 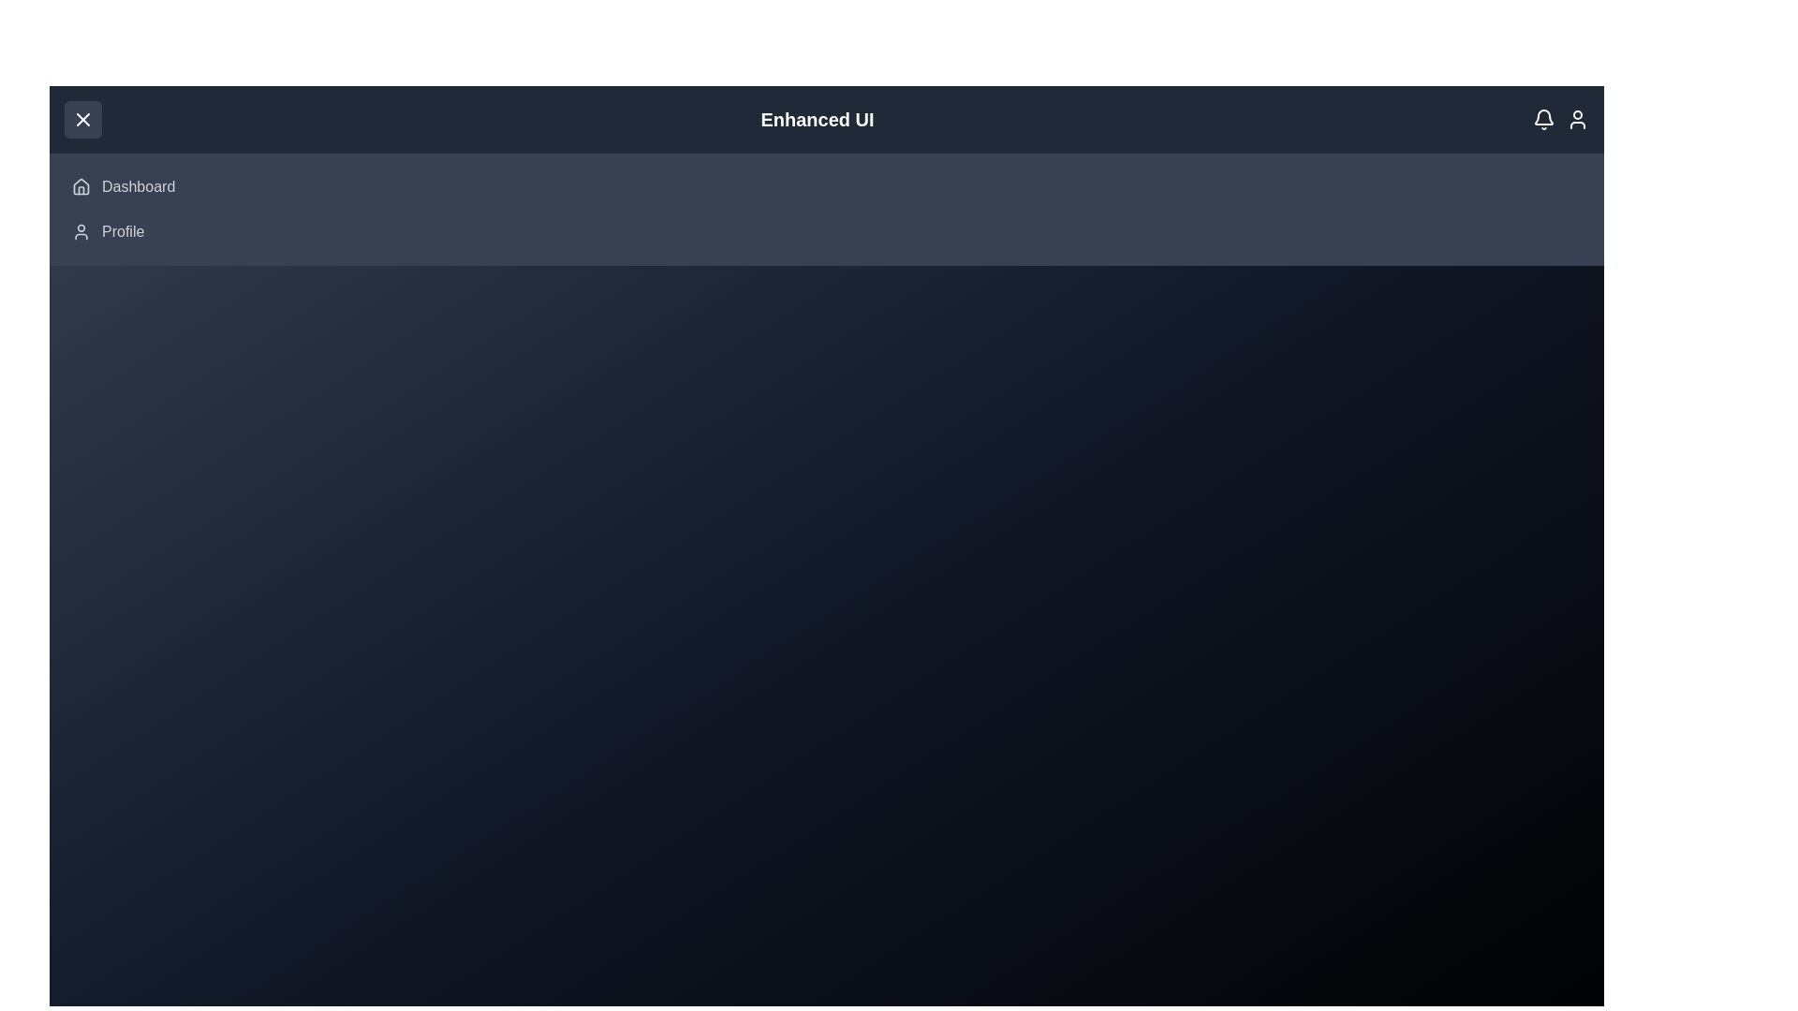 What do you see at coordinates (121, 230) in the screenshot?
I see `the 'Profile' menu item to navigate to the 'Profile' section` at bounding box center [121, 230].